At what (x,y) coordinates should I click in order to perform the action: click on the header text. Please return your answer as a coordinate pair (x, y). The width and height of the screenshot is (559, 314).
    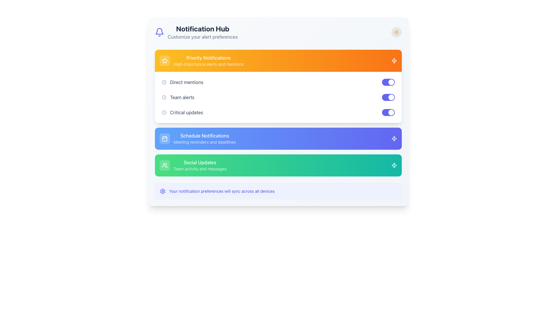
    Looking at the image, I should click on (196, 32).